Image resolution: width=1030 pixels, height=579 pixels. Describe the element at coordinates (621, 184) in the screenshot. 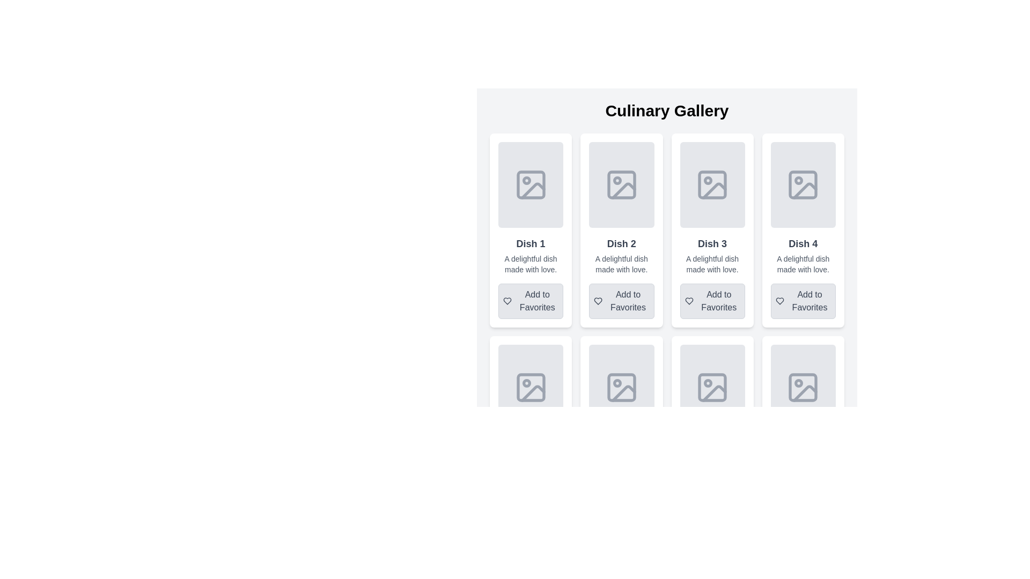

I see `properties of the graphical shape element located in the second column under 'Culinary Gallery', specifically within the placeholder image labeled 'Dish 2'` at that location.